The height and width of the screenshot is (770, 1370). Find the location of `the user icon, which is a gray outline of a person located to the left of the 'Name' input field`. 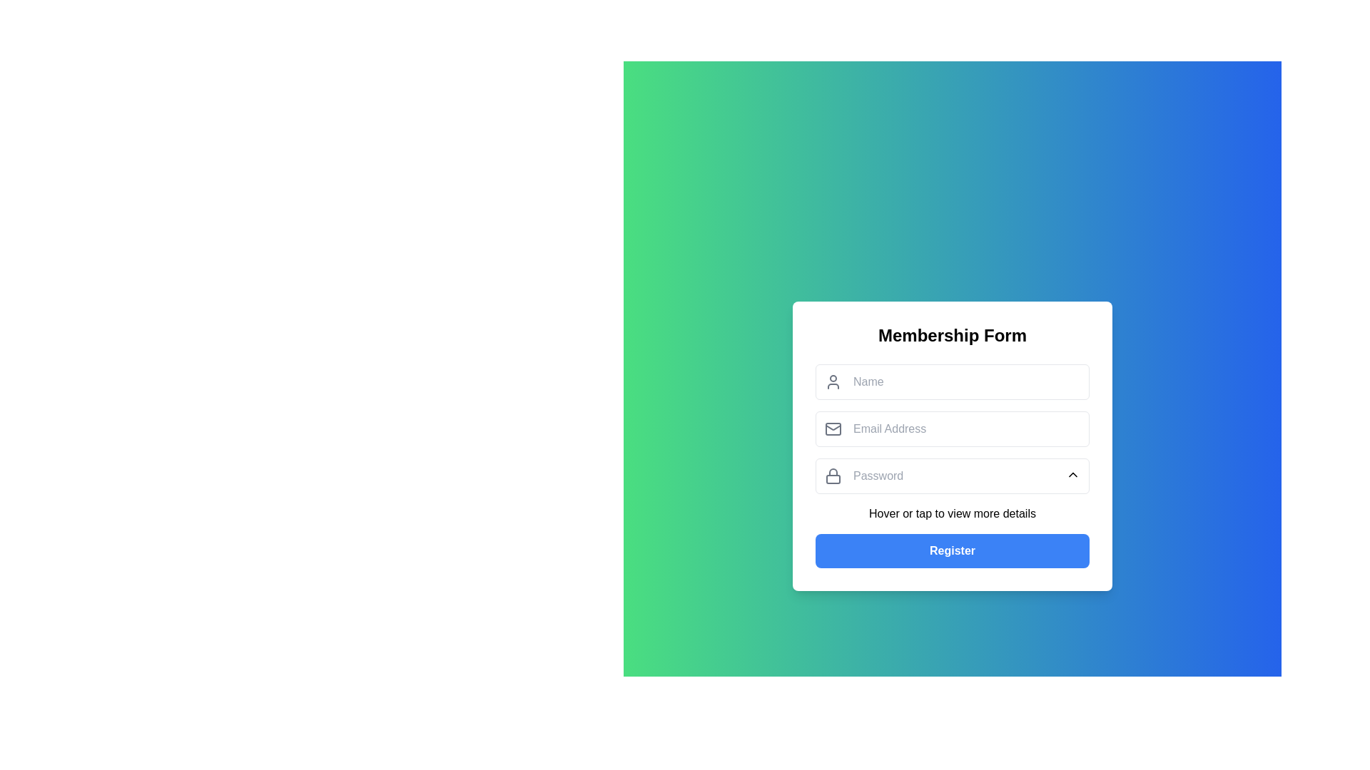

the user icon, which is a gray outline of a person located to the left of the 'Name' input field is located at coordinates (833, 381).